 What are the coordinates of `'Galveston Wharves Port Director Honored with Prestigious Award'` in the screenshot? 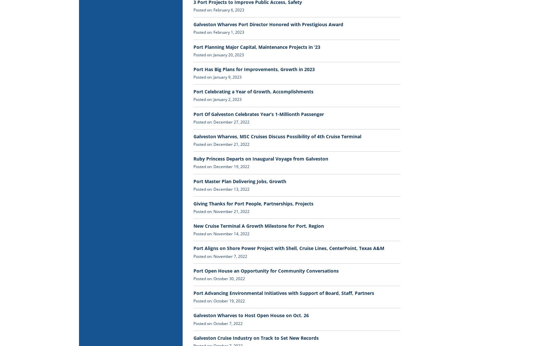 It's located at (268, 24).